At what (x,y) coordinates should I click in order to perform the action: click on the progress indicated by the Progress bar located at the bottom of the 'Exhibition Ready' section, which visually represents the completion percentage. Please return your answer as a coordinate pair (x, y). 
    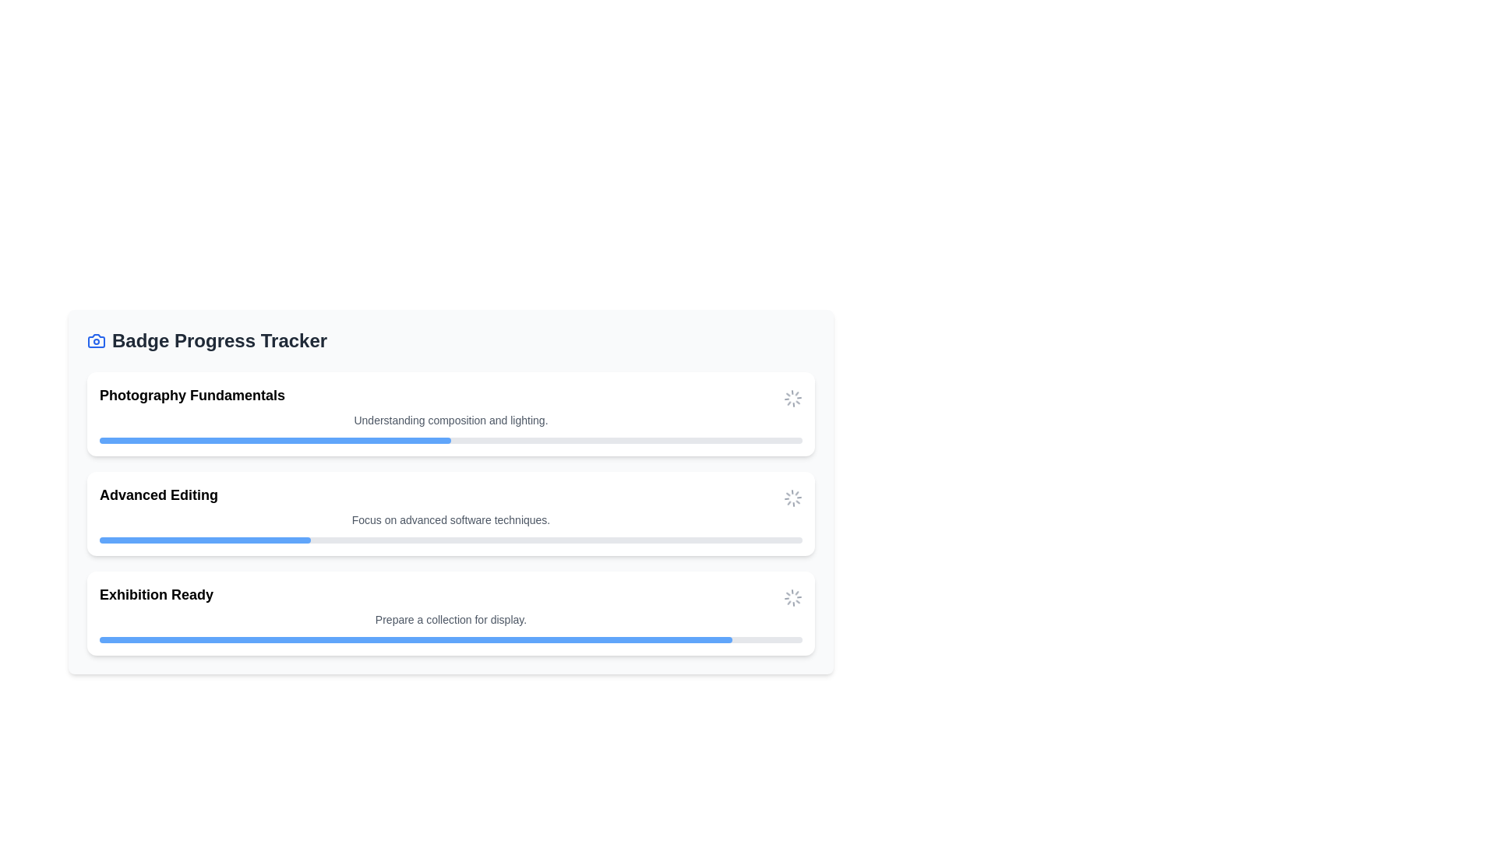
    Looking at the image, I should click on (415, 639).